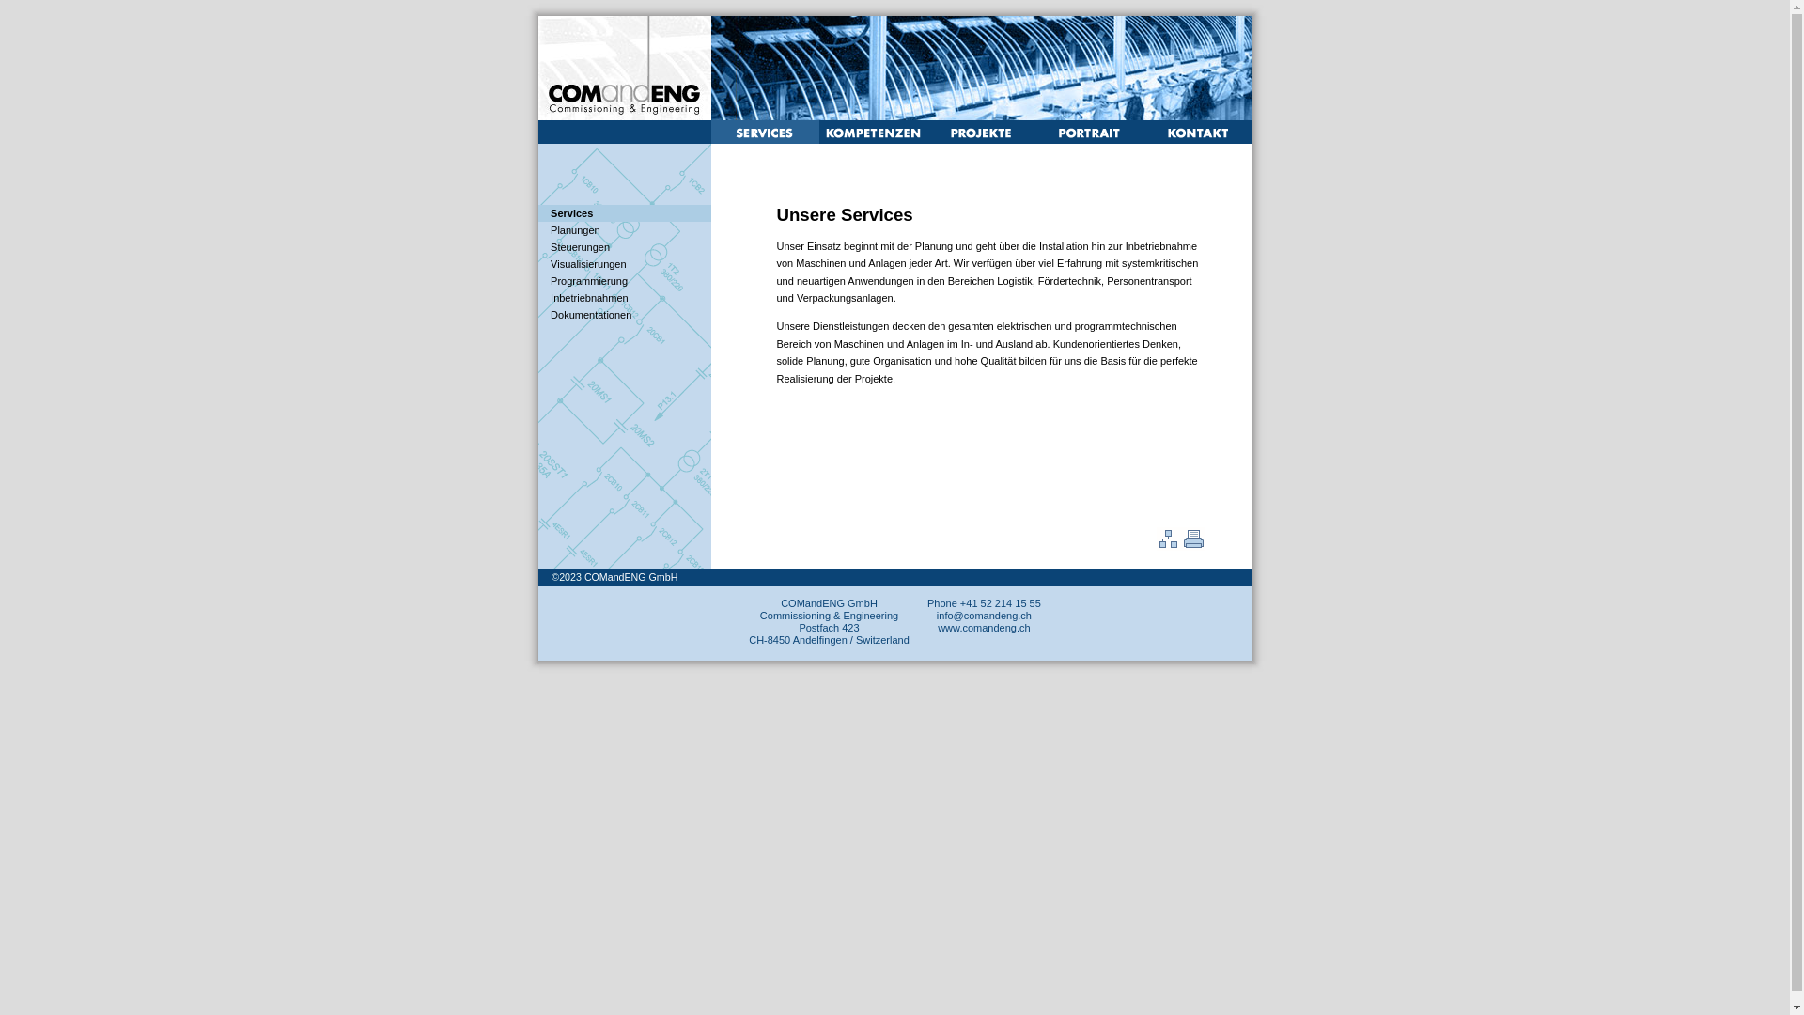 This screenshot has height=1015, width=1804. Describe the element at coordinates (579, 245) in the screenshot. I see `'Steuerungen'` at that location.